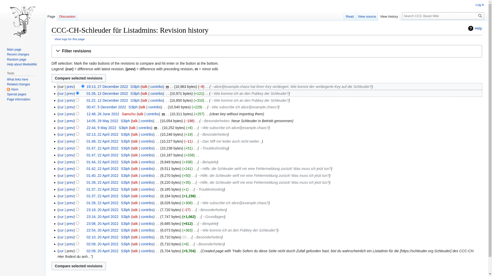 The width and height of the screenshot is (492, 276). What do you see at coordinates (125, 196) in the screenshot?
I see `'S3lph'` at bounding box center [125, 196].